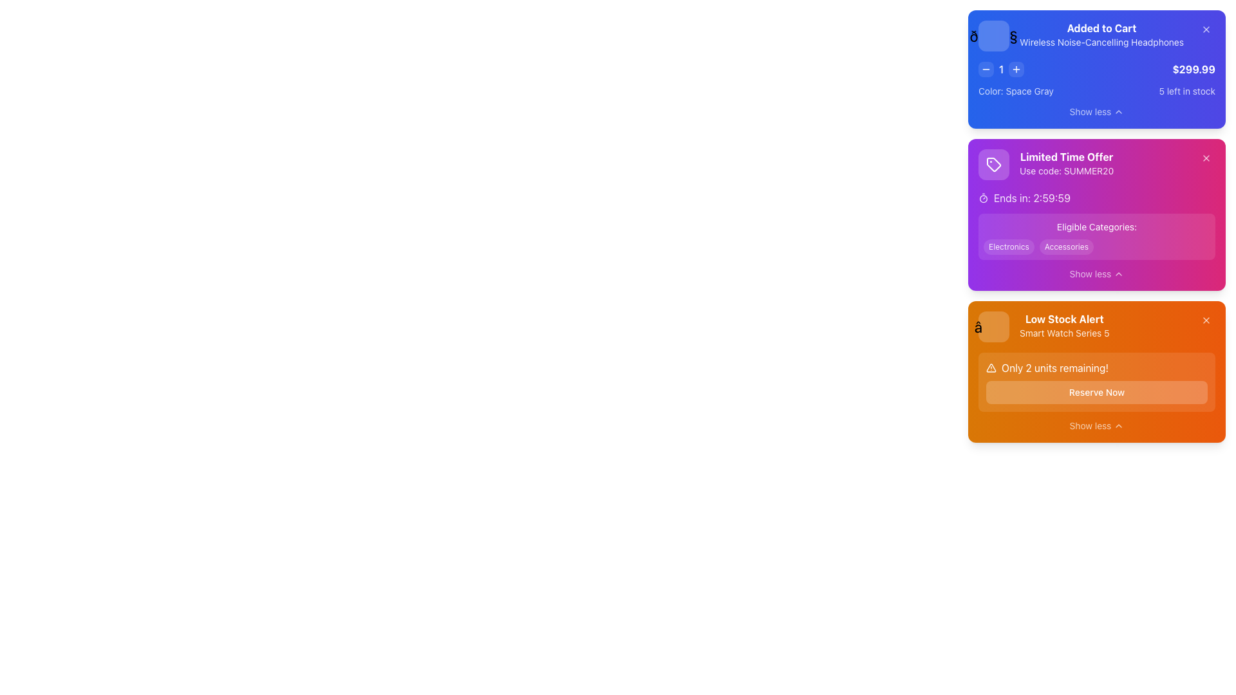  What do you see at coordinates (1046, 163) in the screenshot?
I see `promotional information displayed in the text label with a price tag icon, which includes 'Limited Time Offer' and 'Use code: SUMMER20'` at bounding box center [1046, 163].